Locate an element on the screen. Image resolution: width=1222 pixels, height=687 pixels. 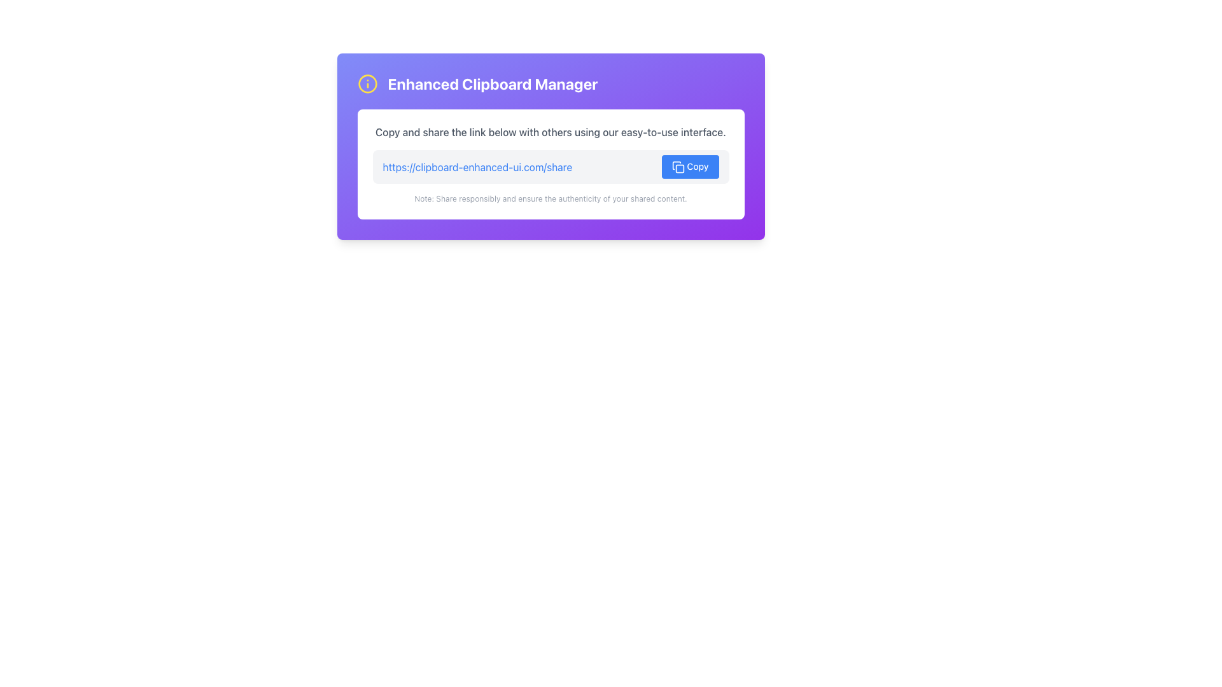
the small square shape with rounded corners that is part of the copy symbol icon, located near the top-right of the box containing the 'Copy' button is located at coordinates (679, 168).